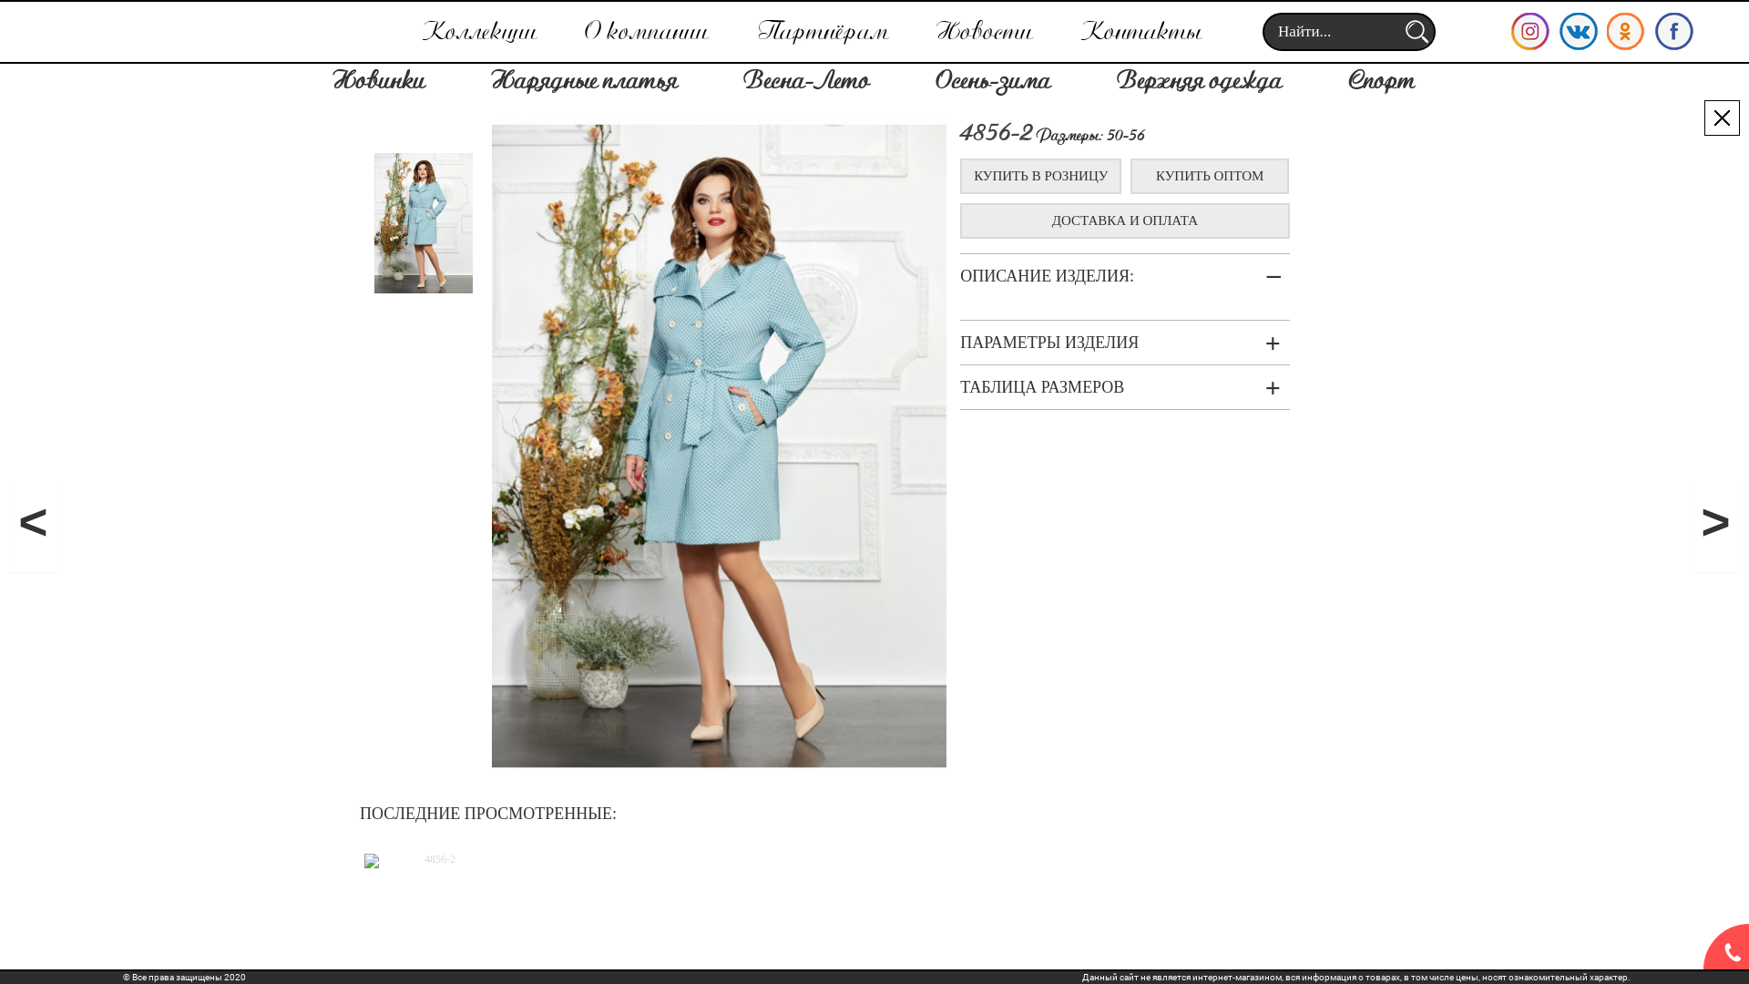  What do you see at coordinates (1714, 527) in the screenshot?
I see `'>'` at bounding box center [1714, 527].